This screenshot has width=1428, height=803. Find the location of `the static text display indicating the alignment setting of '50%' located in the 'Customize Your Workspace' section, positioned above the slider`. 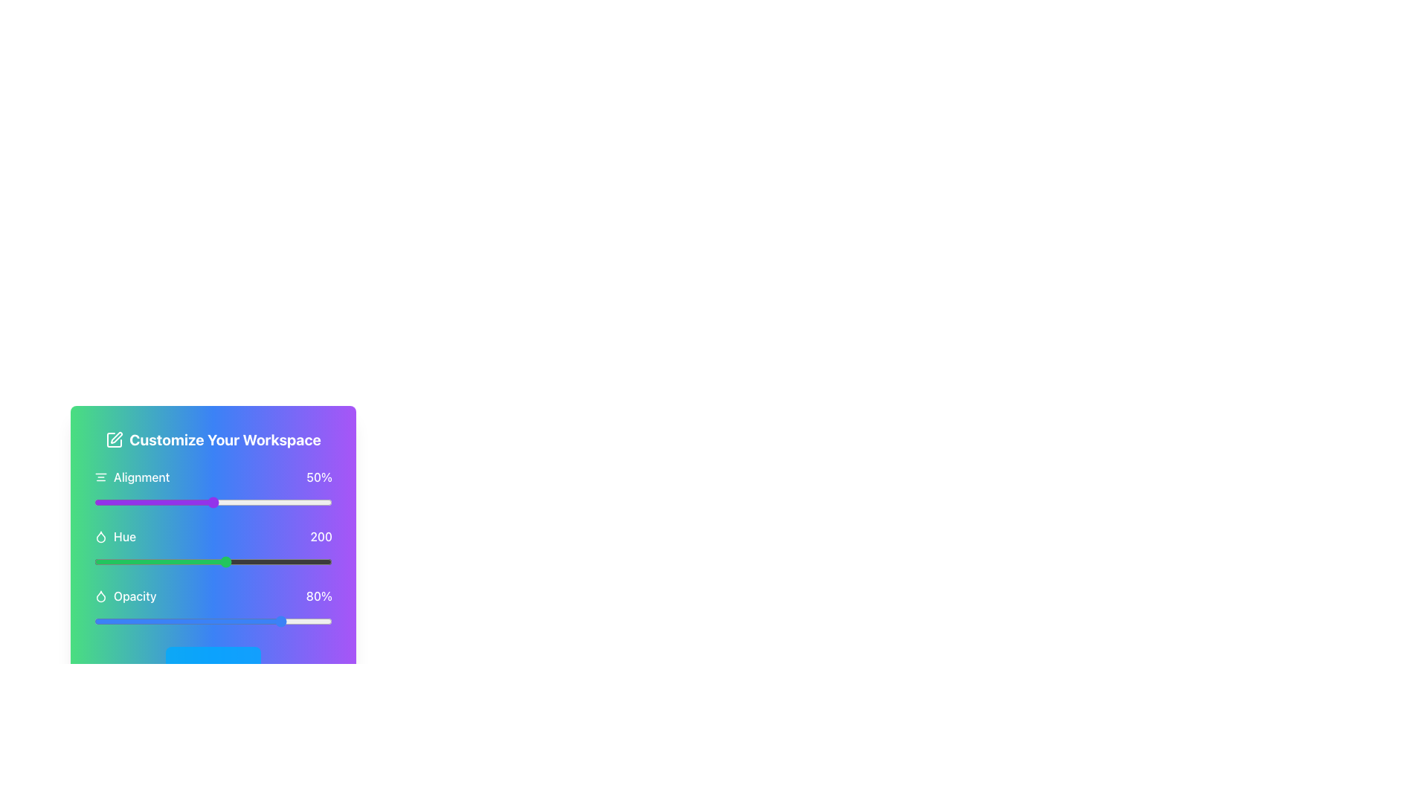

the static text display indicating the alignment setting of '50%' located in the 'Customize Your Workspace' section, positioned above the slider is located at coordinates (213, 477).